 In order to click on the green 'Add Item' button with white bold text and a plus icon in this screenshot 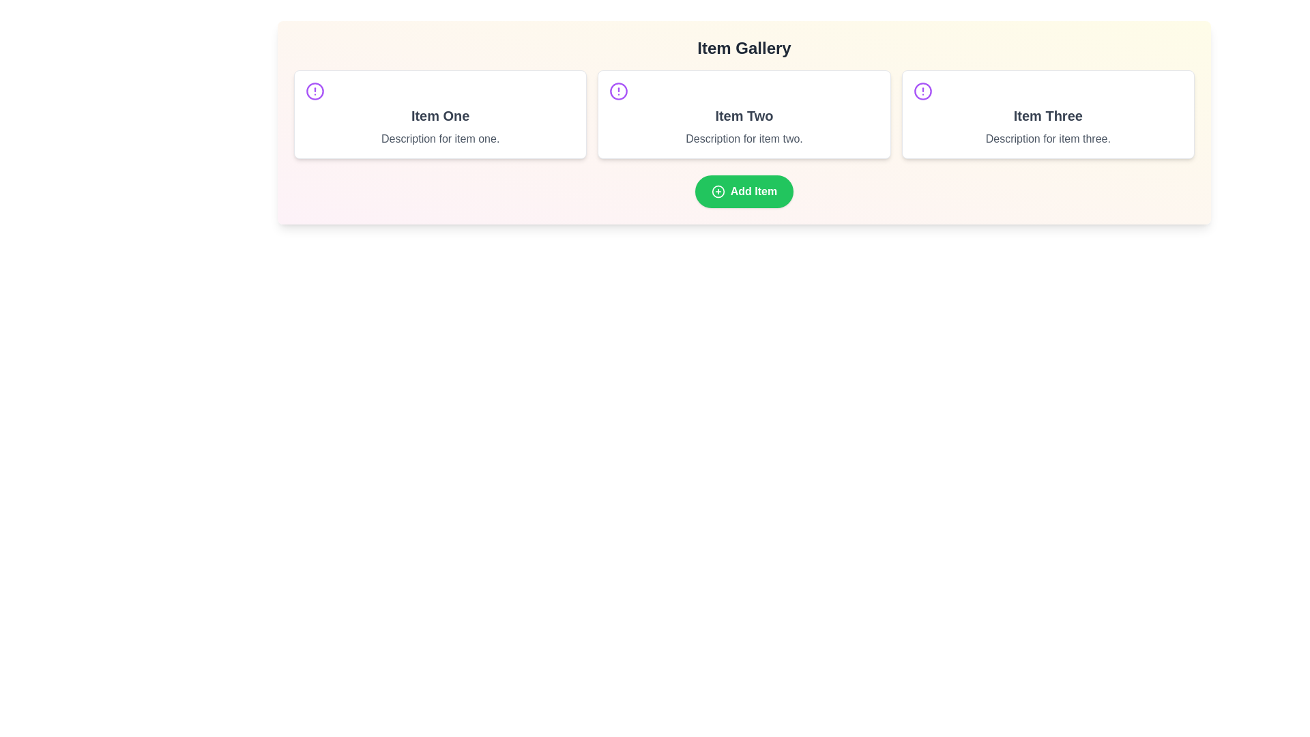, I will do `click(743, 192)`.